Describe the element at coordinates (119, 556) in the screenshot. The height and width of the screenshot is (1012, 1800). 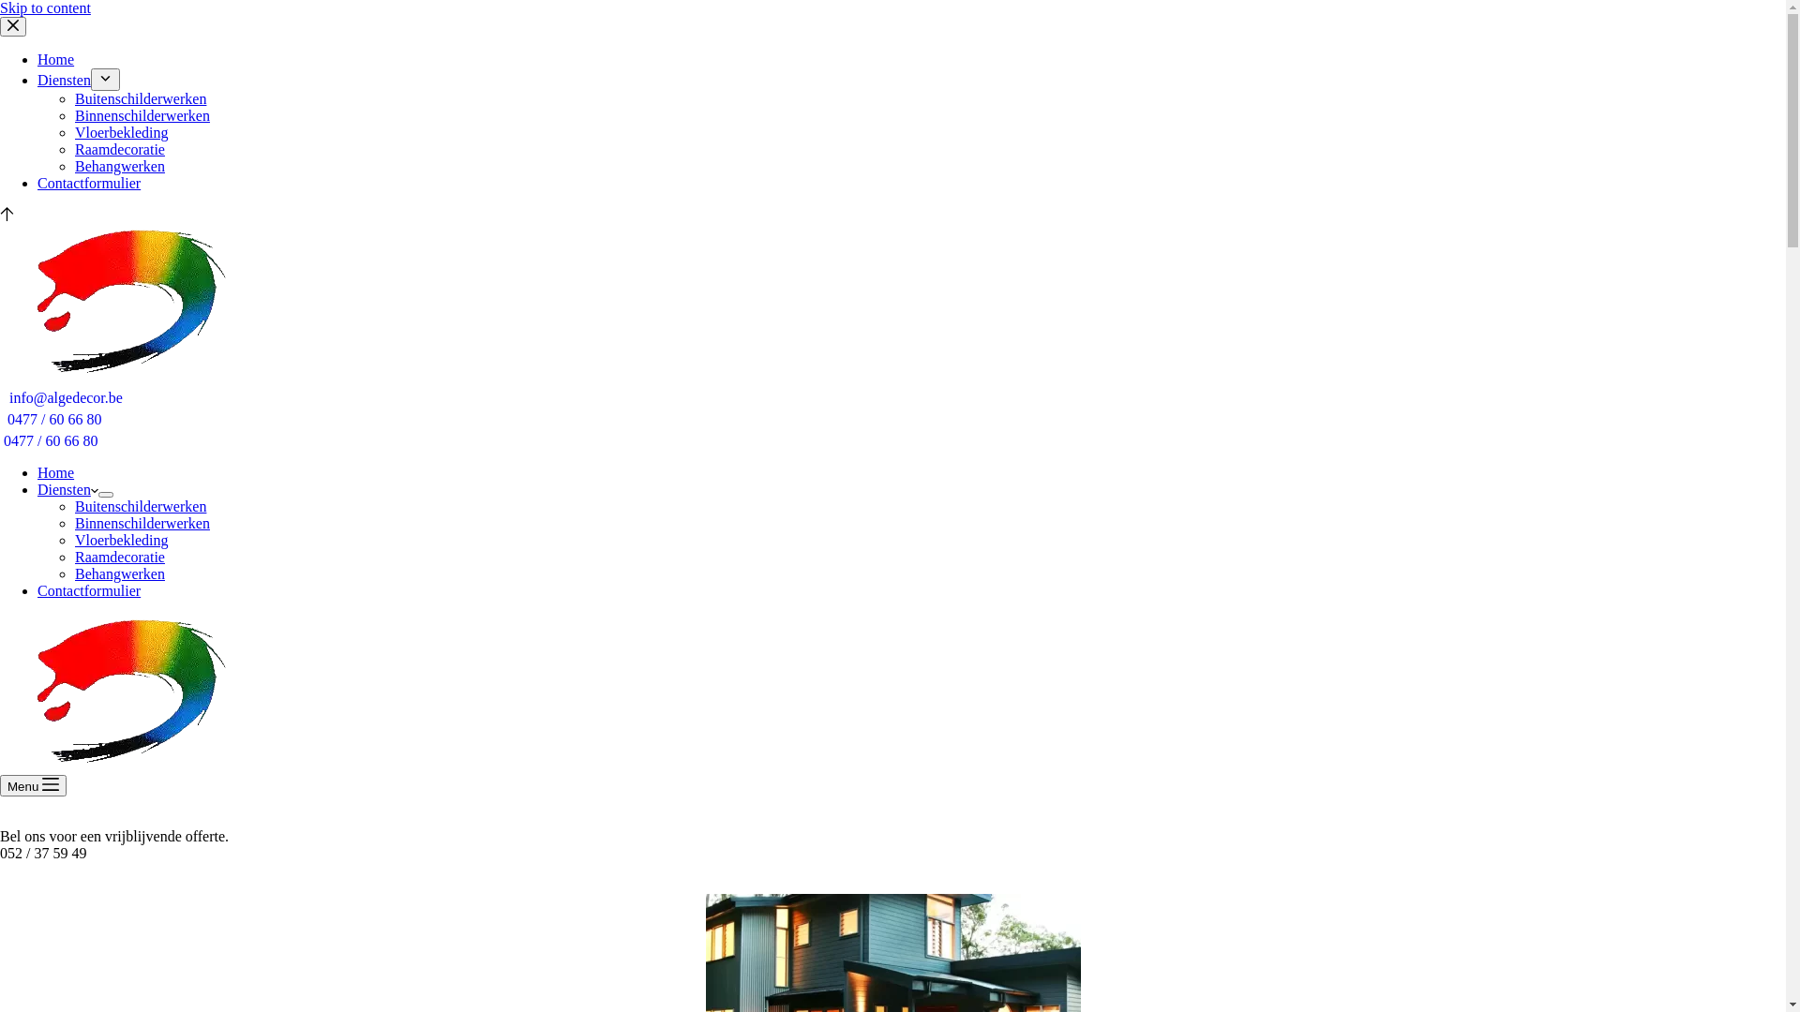
I see `'Raamdecoratie'` at that location.